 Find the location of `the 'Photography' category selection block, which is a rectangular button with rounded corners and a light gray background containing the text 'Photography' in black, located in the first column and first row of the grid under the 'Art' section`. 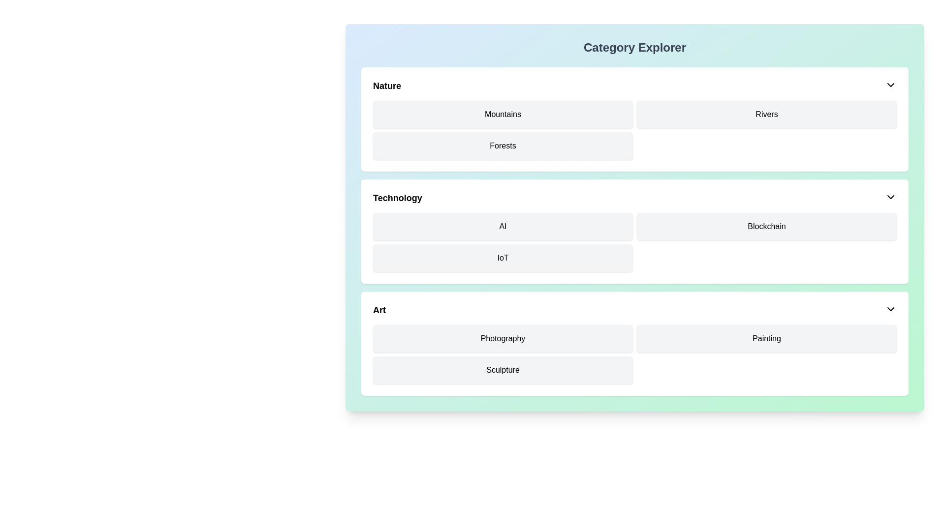

the 'Photography' category selection block, which is a rectangular button with rounded corners and a light gray background containing the text 'Photography' in black, located in the first column and first row of the grid under the 'Art' section is located at coordinates (503, 338).